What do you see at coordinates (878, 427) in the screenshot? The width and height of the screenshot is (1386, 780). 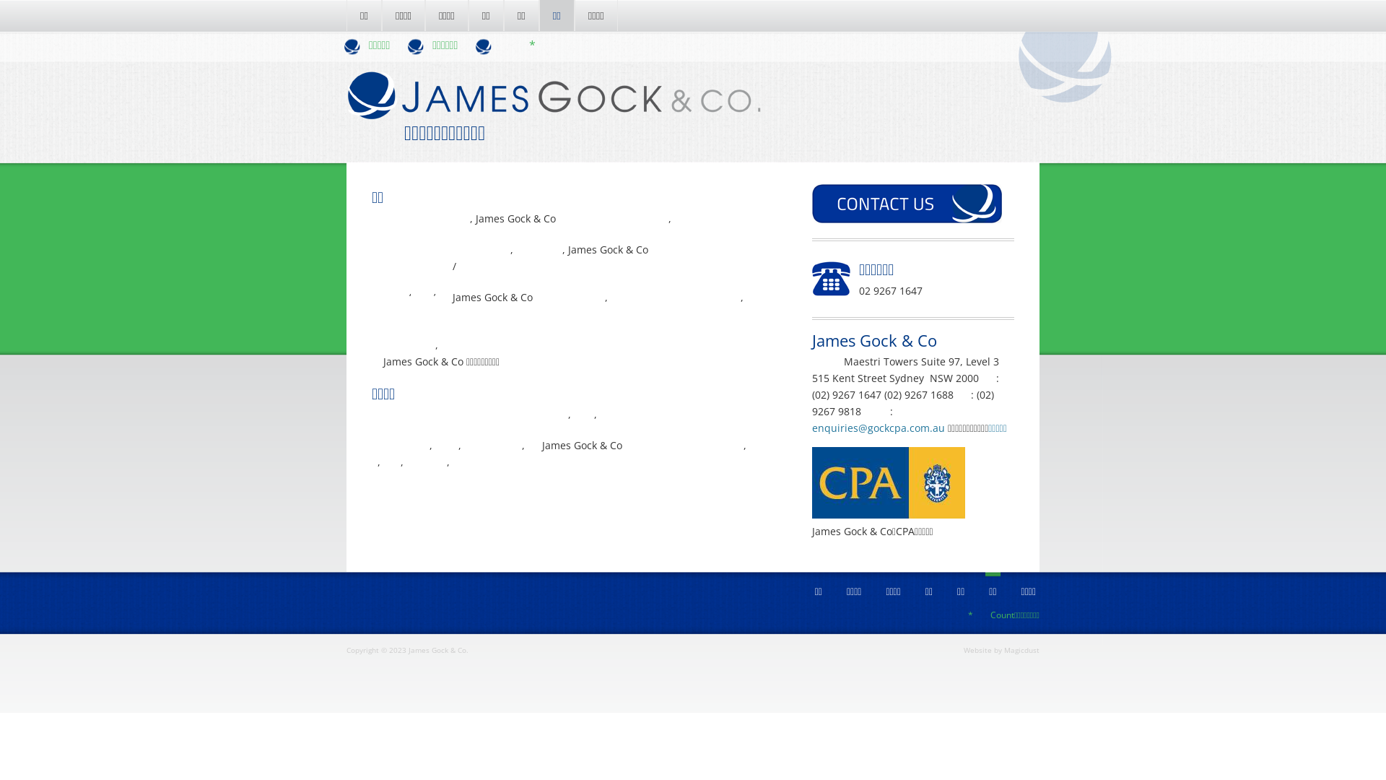 I see `'enquiries@gockcpa.com.au'` at bounding box center [878, 427].